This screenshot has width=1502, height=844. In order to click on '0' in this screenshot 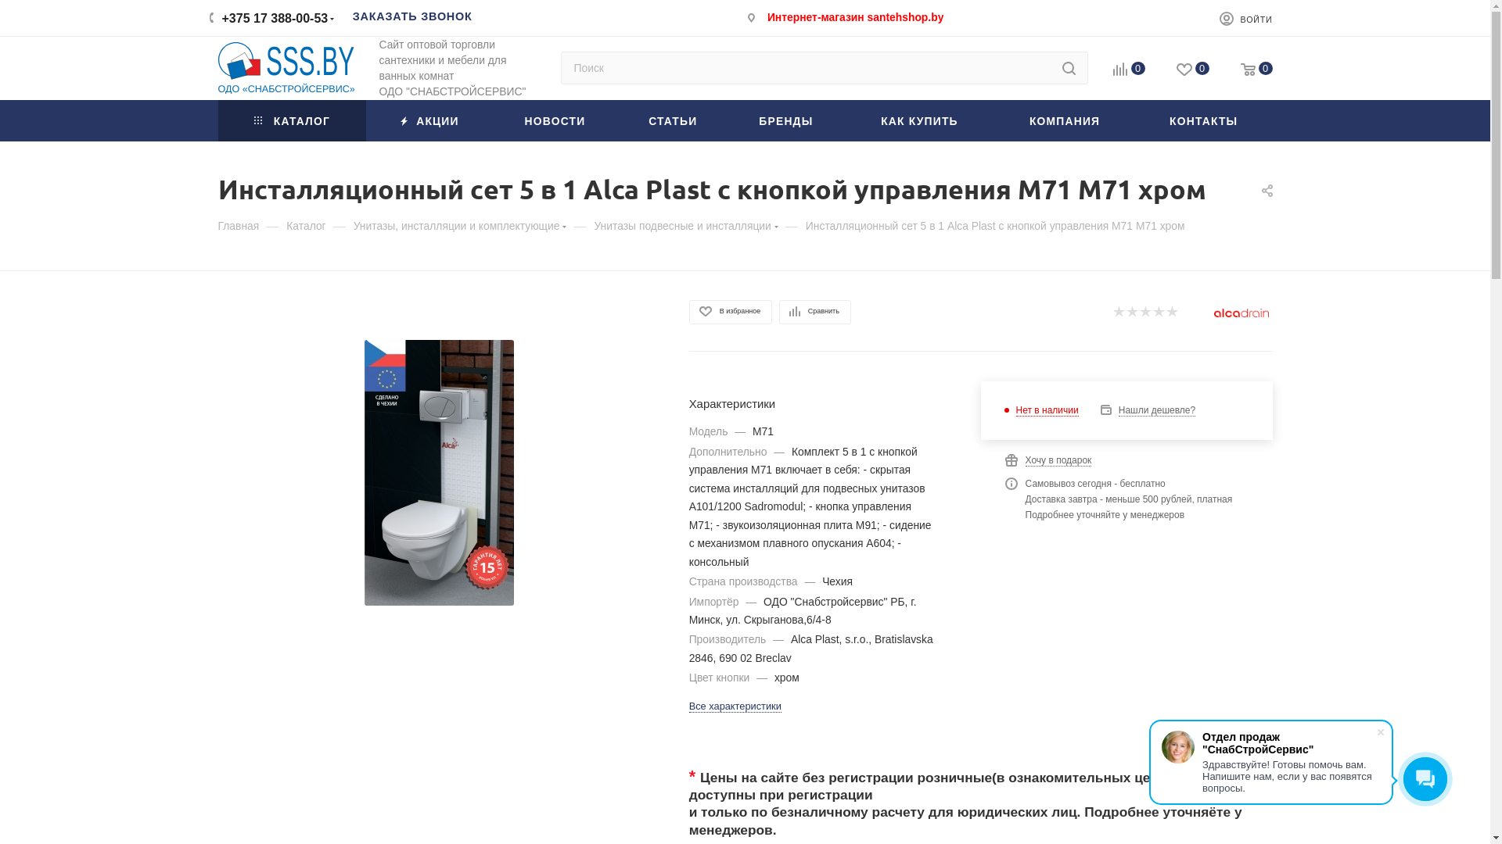, I will do `click(1256, 70)`.